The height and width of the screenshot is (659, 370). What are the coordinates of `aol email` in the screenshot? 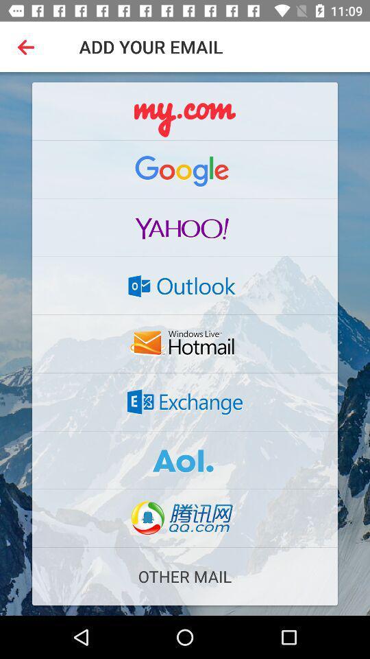 It's located at (185, 460).